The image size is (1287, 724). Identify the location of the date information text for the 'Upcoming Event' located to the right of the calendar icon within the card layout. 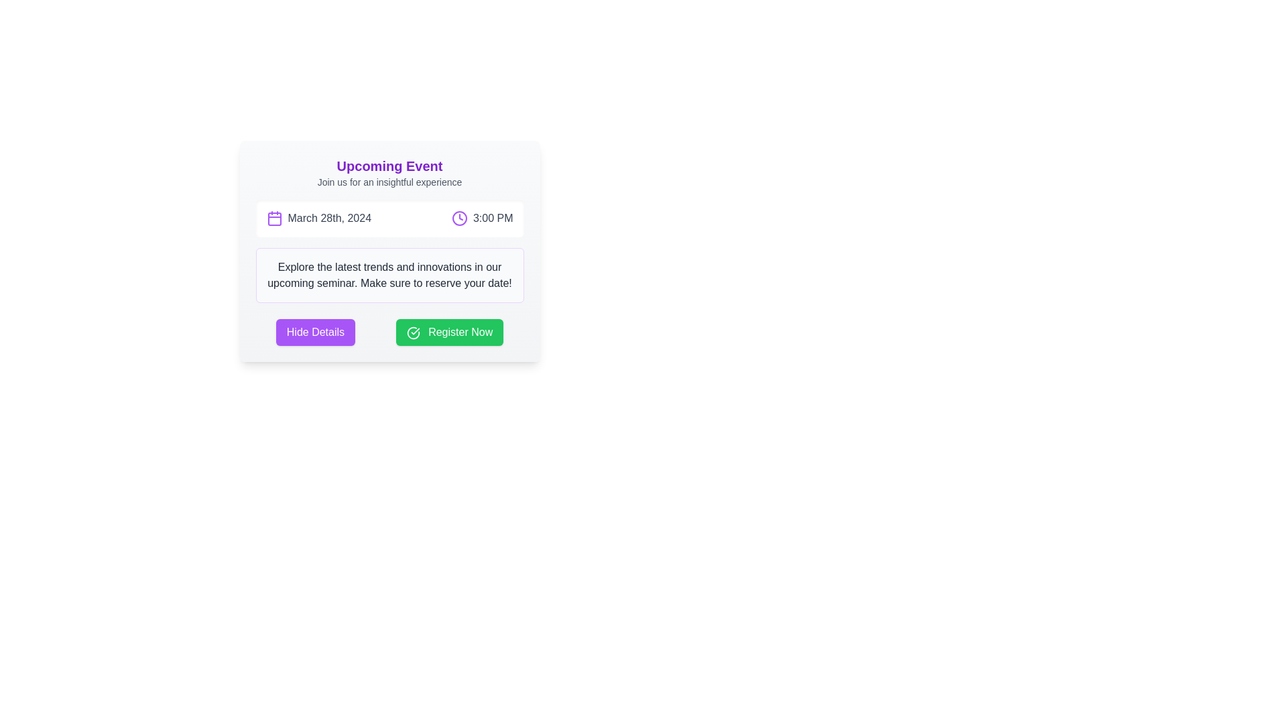
(329, 218).